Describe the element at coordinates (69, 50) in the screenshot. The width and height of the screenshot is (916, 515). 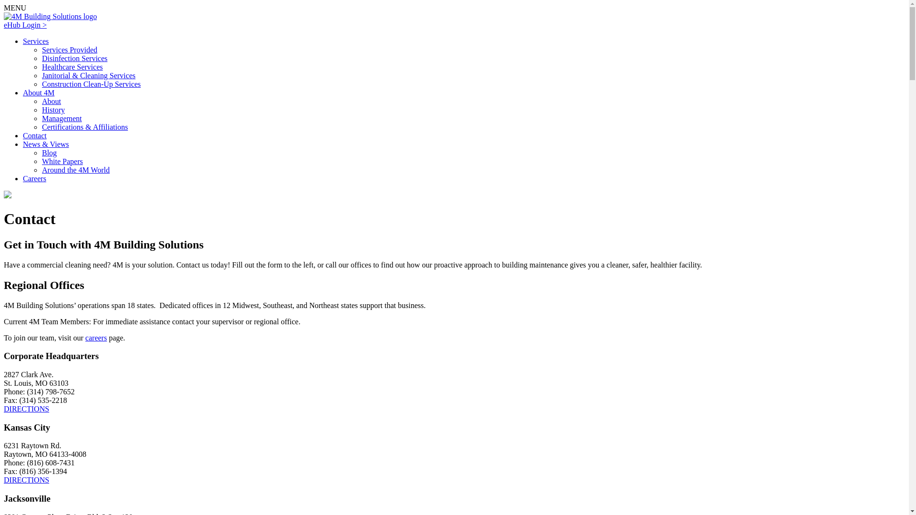
I see `'Services Provided'` at that location.